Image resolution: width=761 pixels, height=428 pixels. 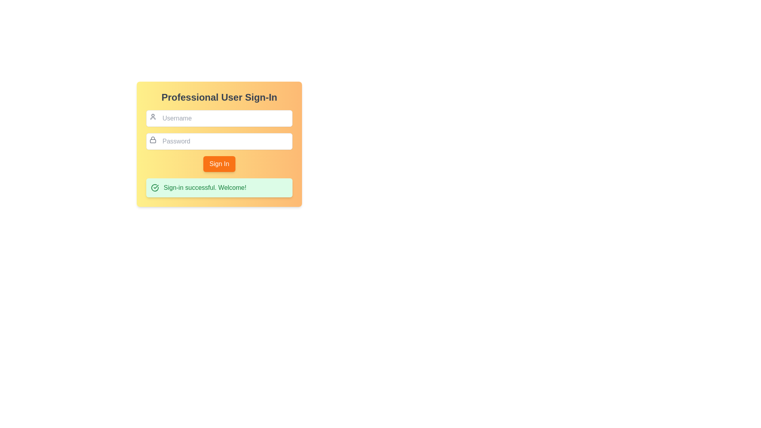 I want to click on message from the green notification box that says 'Sign-in successful. Welcome!', so click(x=219, y=188).